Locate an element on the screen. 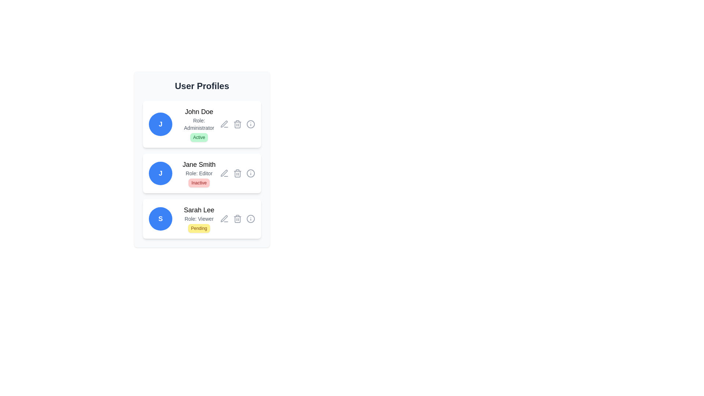 This screenshot has width=704, height=396. the status label styled as a yellow rounded rectangle with the text 'Pending' in bold, dark yellow font, located in the third card of the user profiles list is located at coordinates (199, 228).